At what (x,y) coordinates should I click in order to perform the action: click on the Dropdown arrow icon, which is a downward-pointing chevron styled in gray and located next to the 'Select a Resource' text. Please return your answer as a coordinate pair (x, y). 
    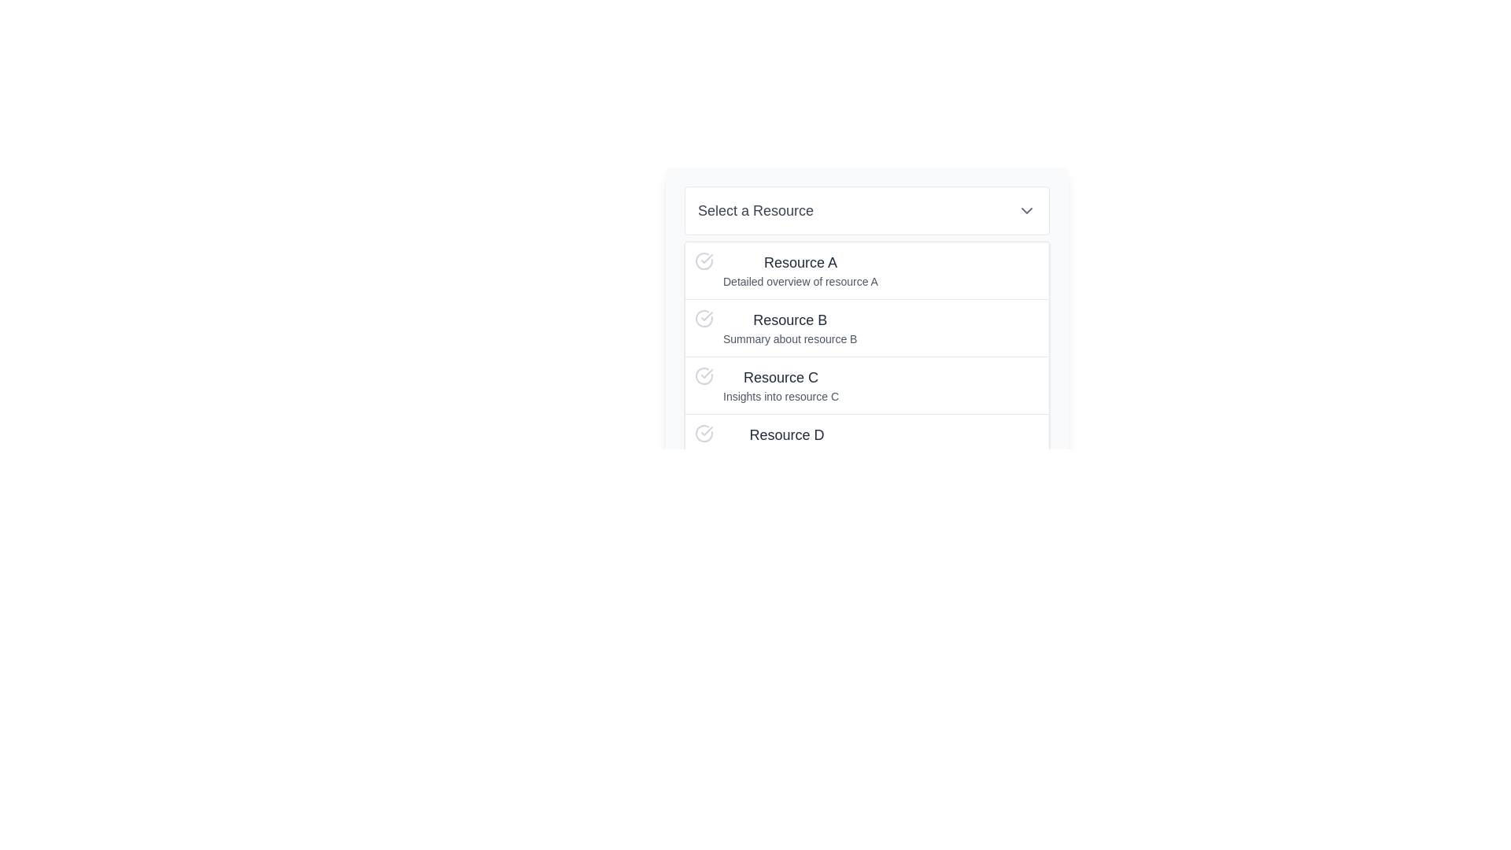
    Looking at the image, I should click on (1027, 209).